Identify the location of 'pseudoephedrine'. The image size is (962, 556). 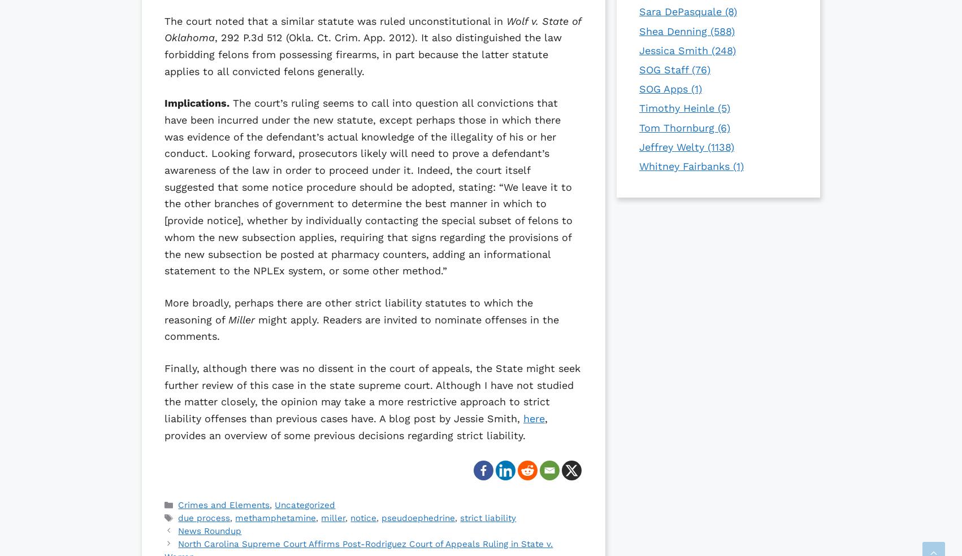
(418, 518).